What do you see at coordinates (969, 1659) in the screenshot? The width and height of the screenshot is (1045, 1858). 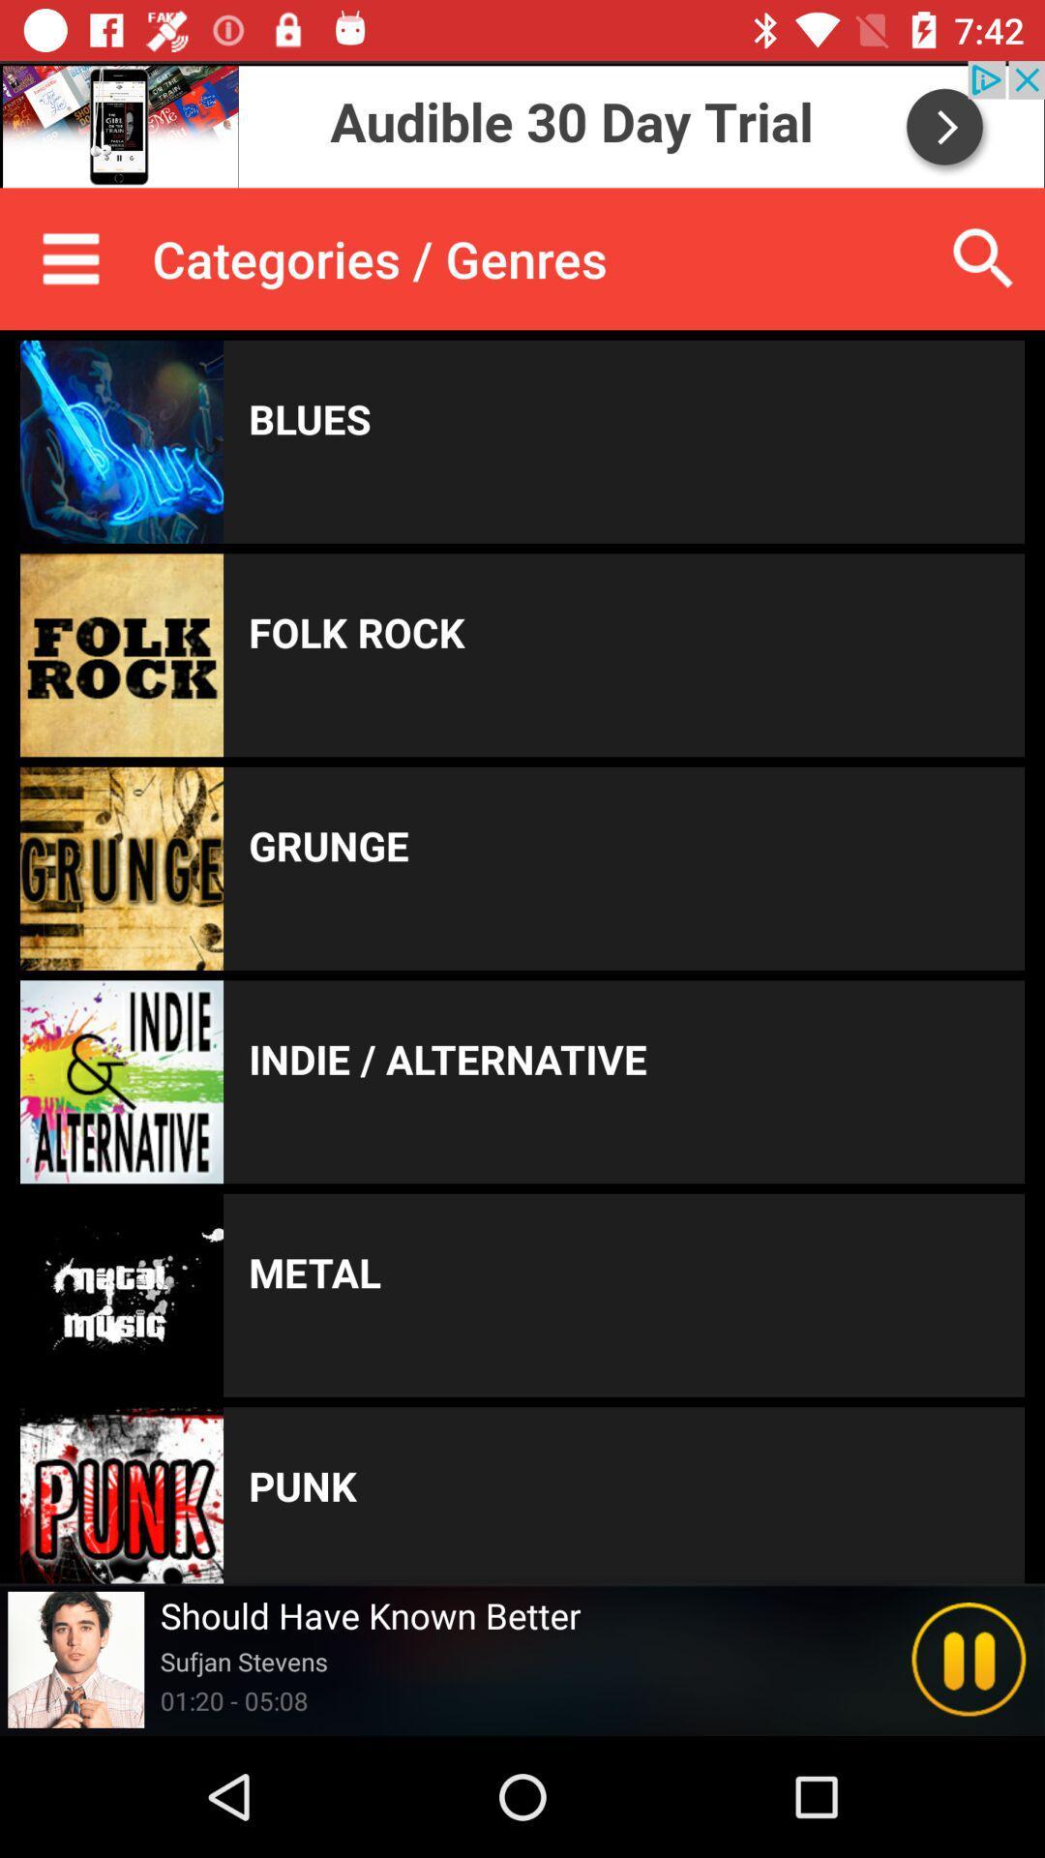 I see `the pause icon` at bounding box center [969, 1659].